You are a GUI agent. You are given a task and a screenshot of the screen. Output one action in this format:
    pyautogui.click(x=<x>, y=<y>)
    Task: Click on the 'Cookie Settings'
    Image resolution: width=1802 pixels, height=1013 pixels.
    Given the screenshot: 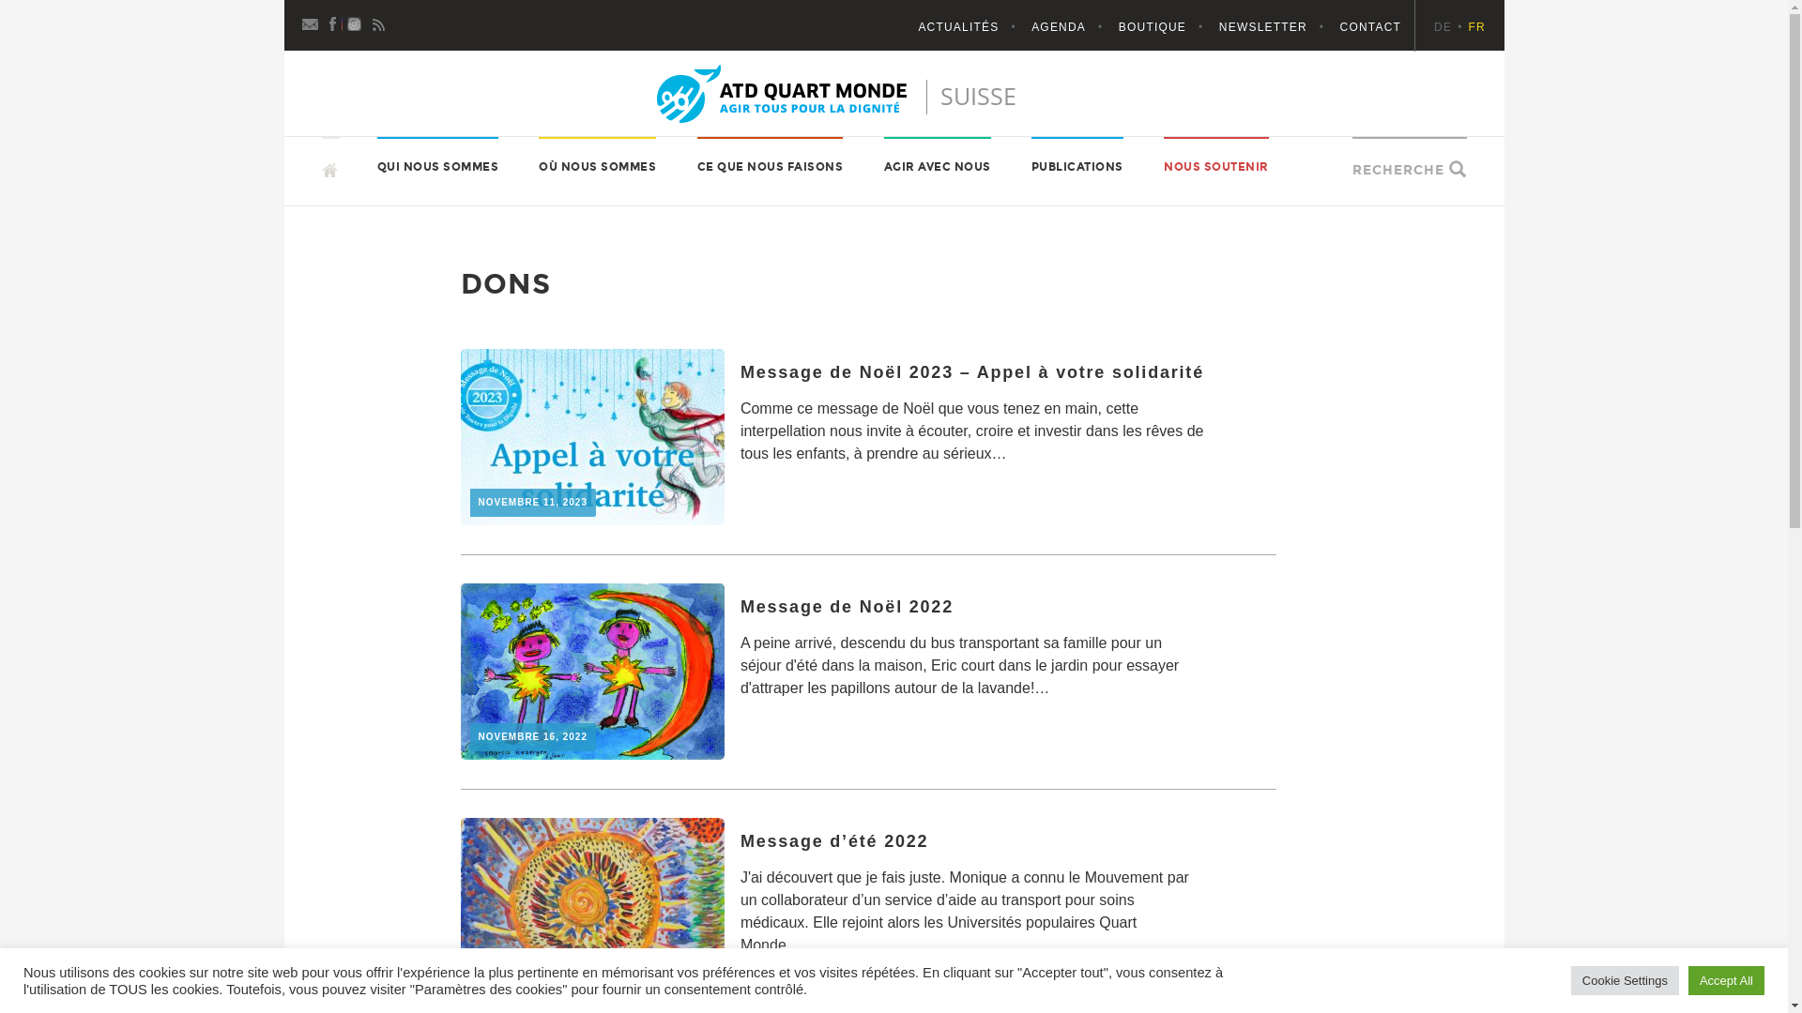 What is the action you would take?
    pyautogui.click(x=1624, y=979)
    